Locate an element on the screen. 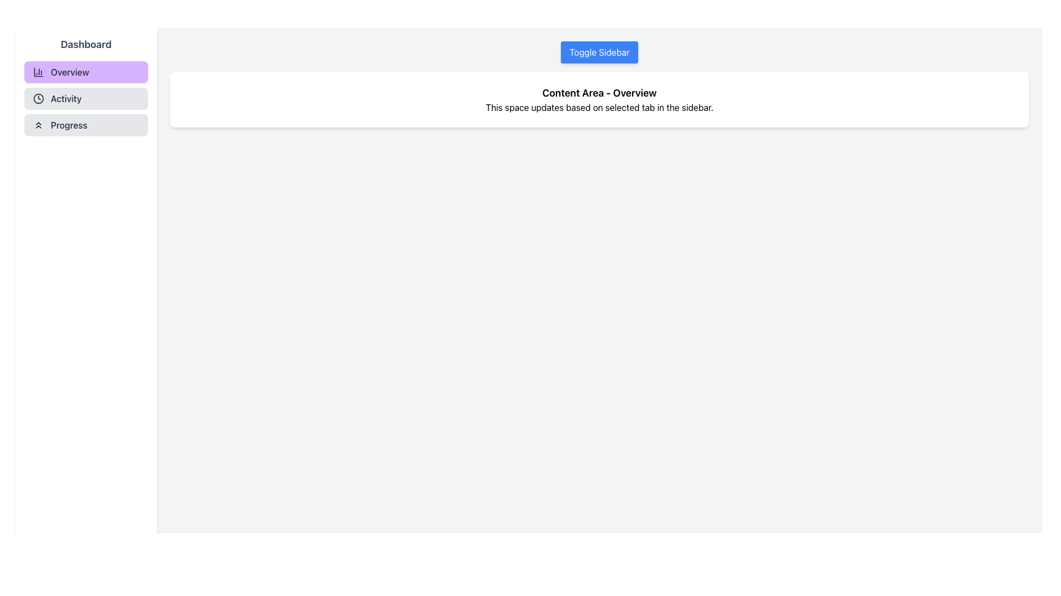 The width and height of the screenshot is (1061, 596). the 'Activity' button, which is the second button in the left sidebar menu, to visualize its hover effects is located at coordinates (86, 98).